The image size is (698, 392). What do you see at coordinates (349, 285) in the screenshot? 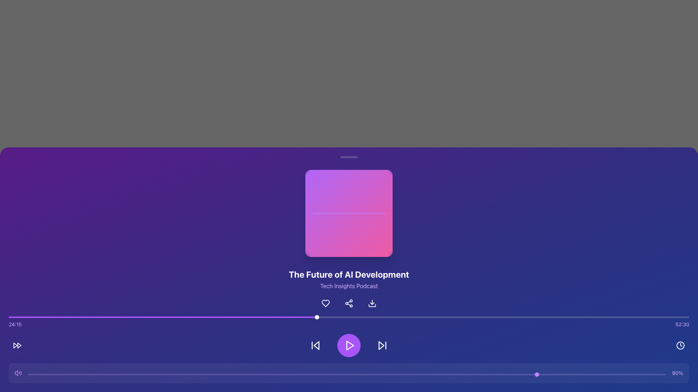
I see `informational label located beneath the main title 'The Future of AI Development', centered horizontally and positioned near the top of the second section from the bottom of the page` at bounding box center [349, 285].